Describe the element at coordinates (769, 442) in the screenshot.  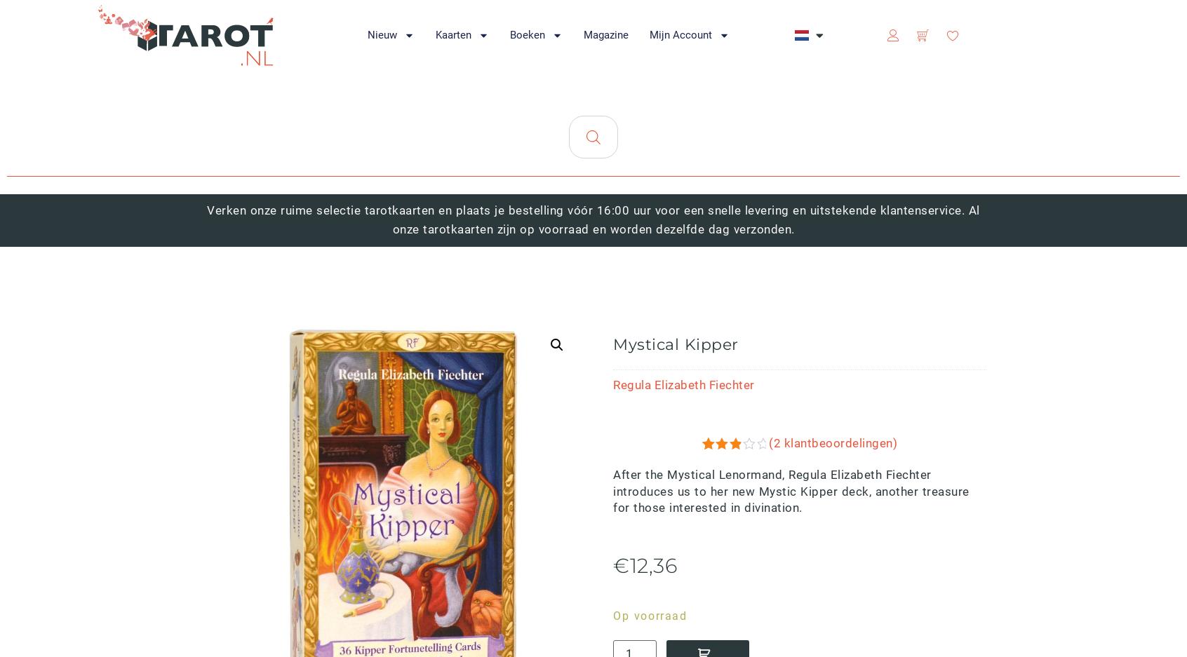
I see `'('` at that location.